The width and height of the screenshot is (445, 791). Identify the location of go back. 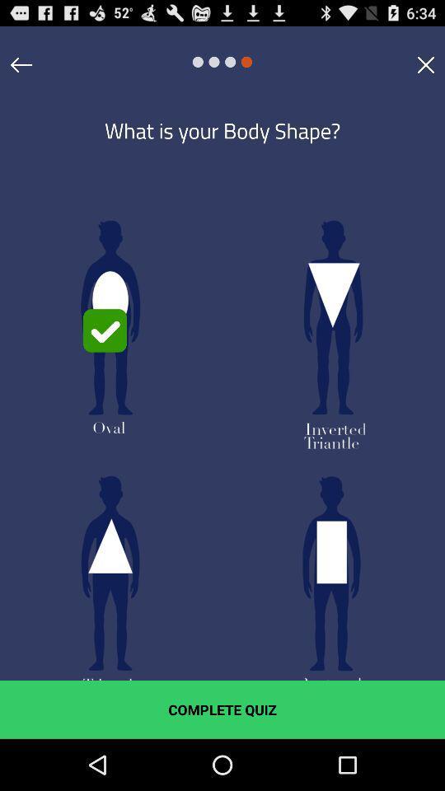
(21, 64).